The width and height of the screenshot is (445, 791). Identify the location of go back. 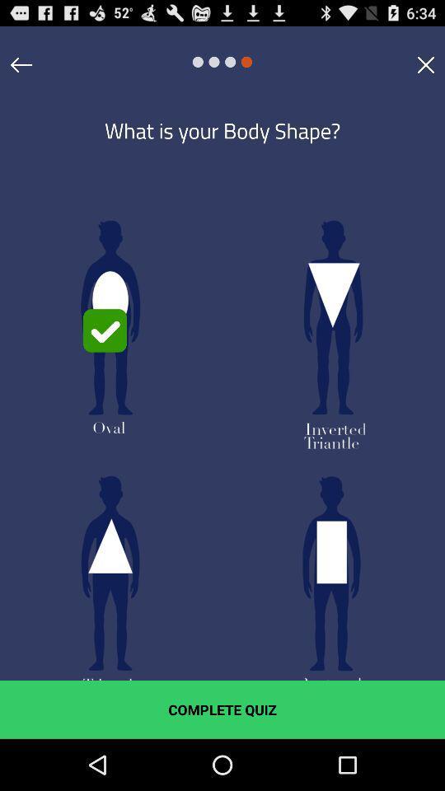
(21, 64).